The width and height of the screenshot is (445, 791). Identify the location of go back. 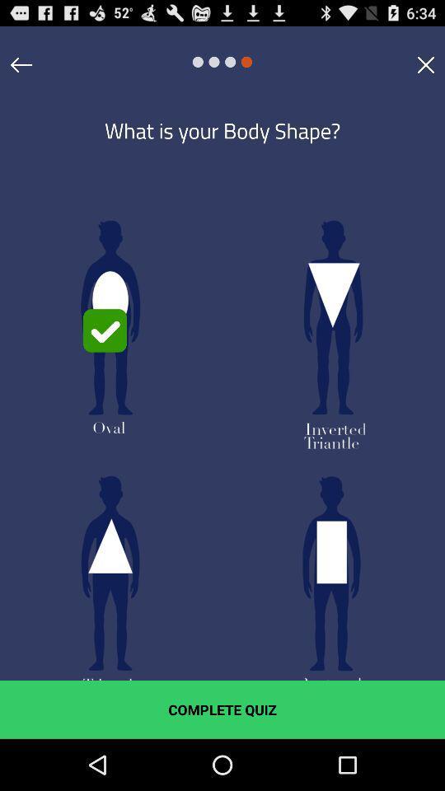
(21, 64).